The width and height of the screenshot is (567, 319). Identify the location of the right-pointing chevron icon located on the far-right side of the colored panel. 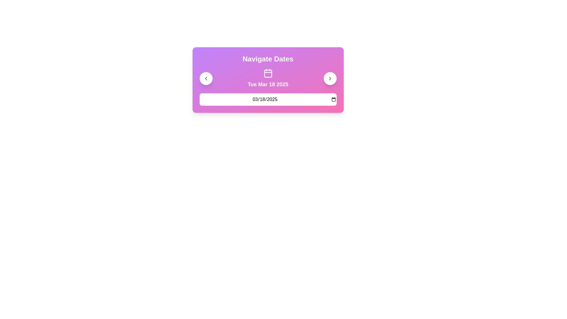
(330, 78).